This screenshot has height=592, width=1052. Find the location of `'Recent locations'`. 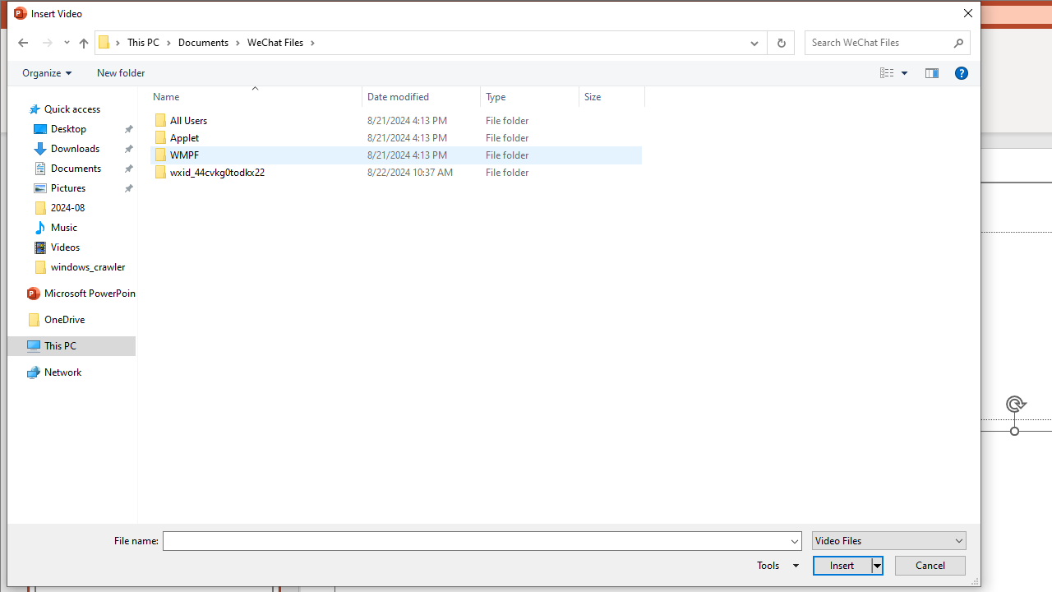

'Recent locations' is located at coordinates (66, 41).